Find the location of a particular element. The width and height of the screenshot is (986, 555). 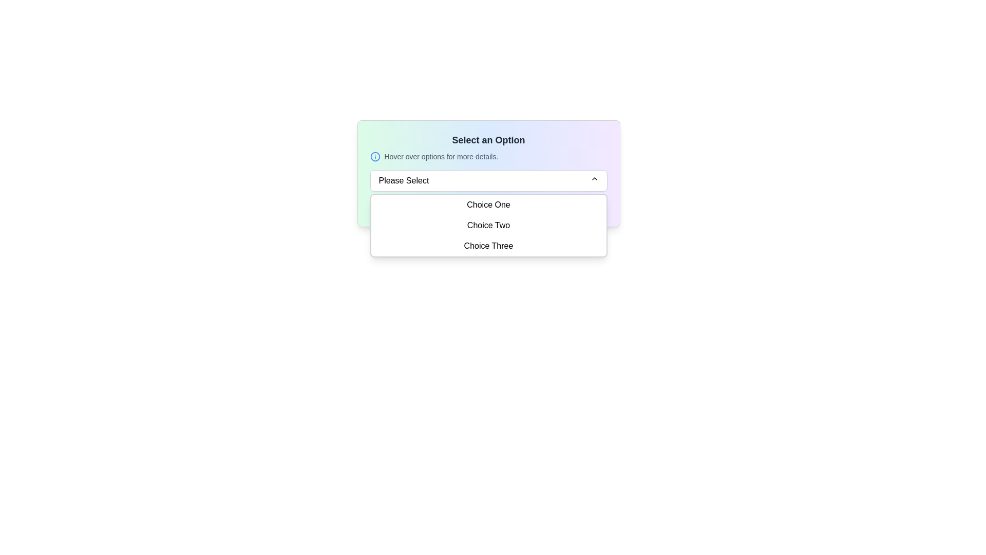

the second choice in the dropdown menu labeled 'Choice Two' is located at coordinates (488, 225).